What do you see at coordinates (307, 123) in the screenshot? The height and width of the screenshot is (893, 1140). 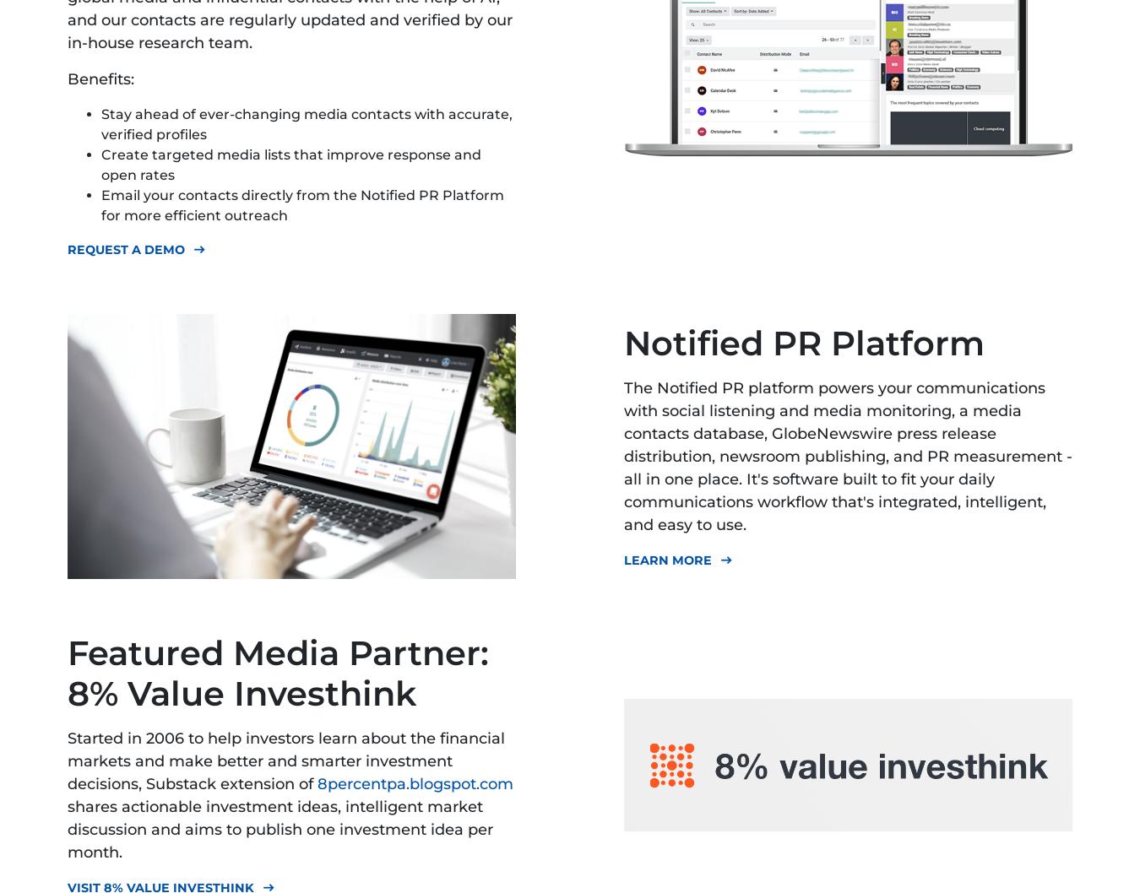 I see `'Stay ahead of ever-changing media contacts with accurate, verified profiles'` at bounding box center [307, 123].